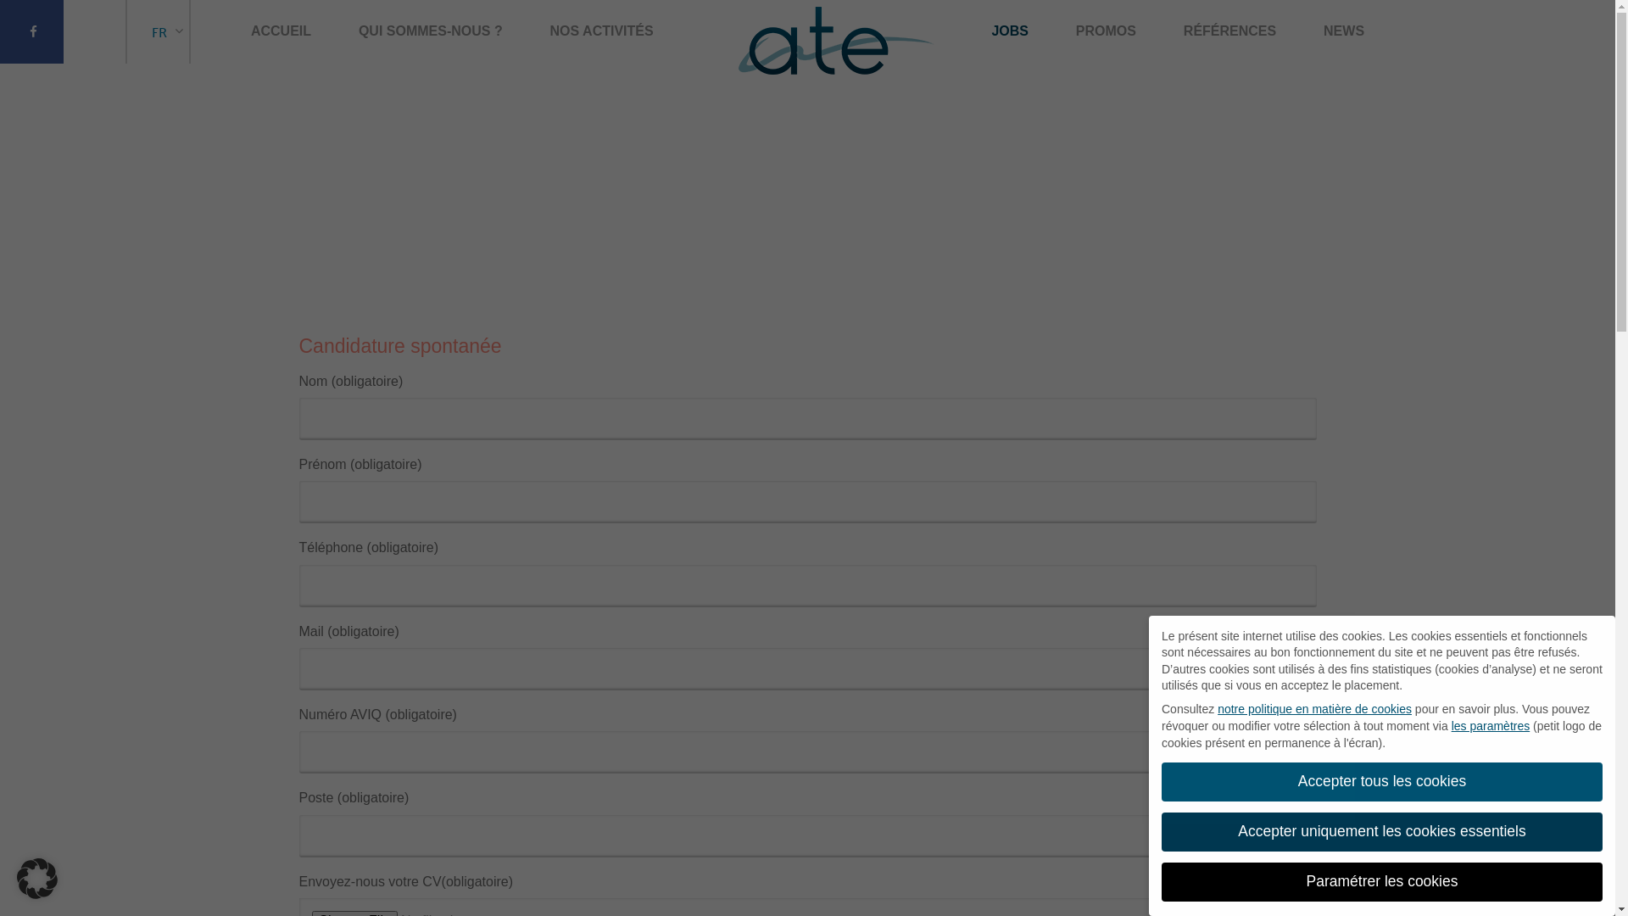 The width and height of the screenshot is (1628, 916). I want to click on 'Accepter uniquement les cookies essentiels', so click(1382, 830).